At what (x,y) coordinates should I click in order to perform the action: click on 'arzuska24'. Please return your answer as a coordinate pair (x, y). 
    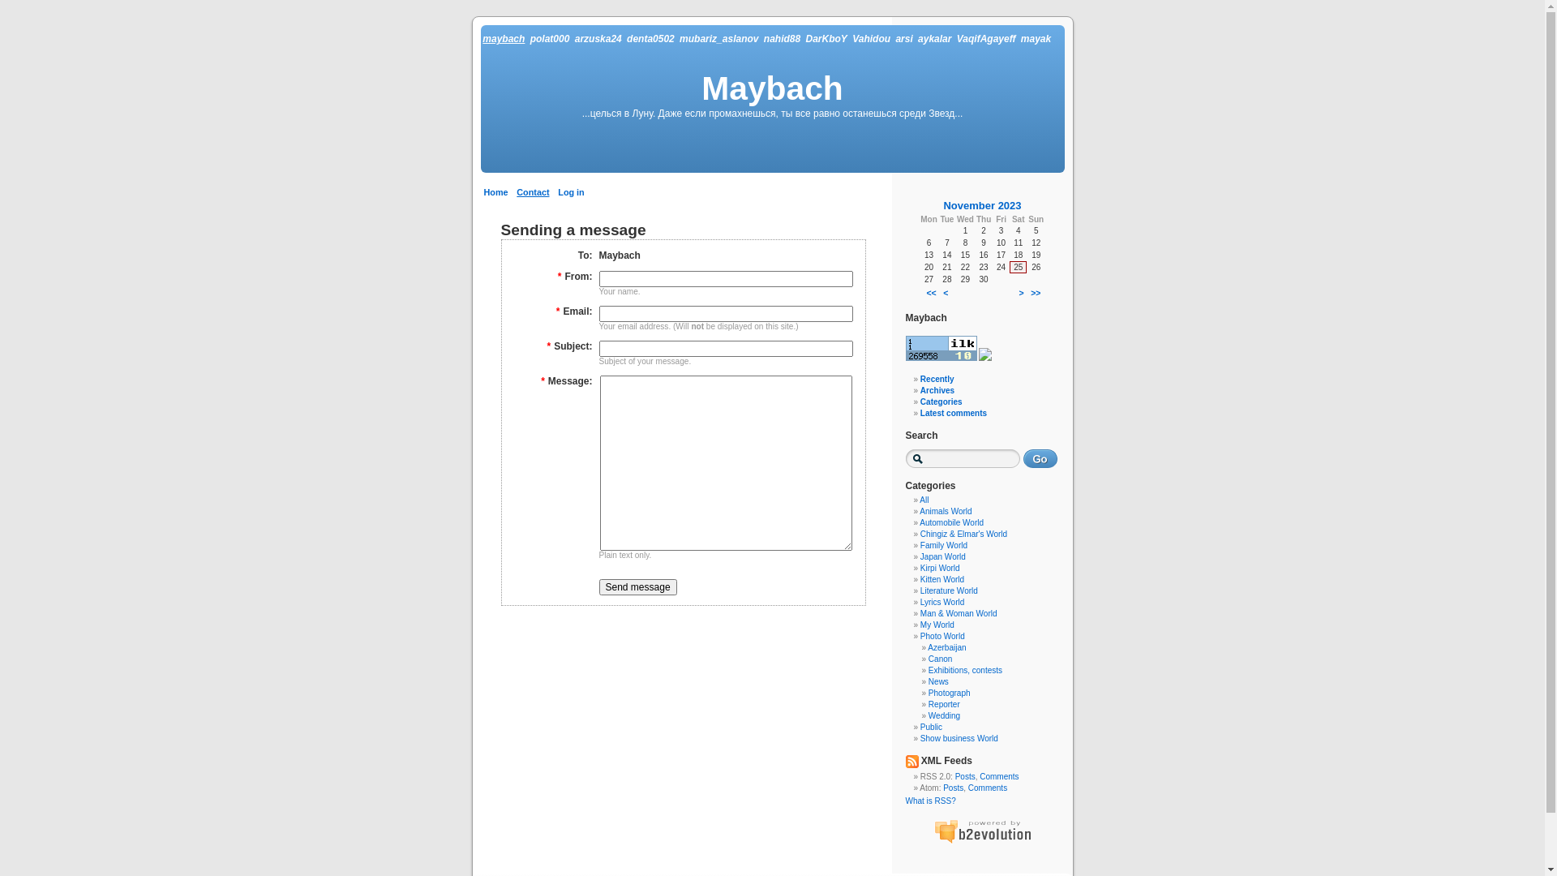
    Looking at the image, I should click on (575, 37).